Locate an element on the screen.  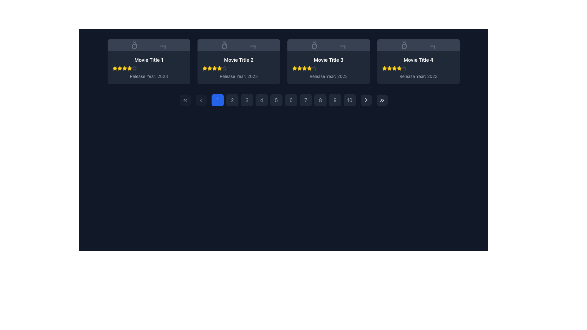
the square button with a rounded edge style that has a dark gray background and contains the number '8' in lighter gray, located in the pagination control is located at coordinates (320, 100).